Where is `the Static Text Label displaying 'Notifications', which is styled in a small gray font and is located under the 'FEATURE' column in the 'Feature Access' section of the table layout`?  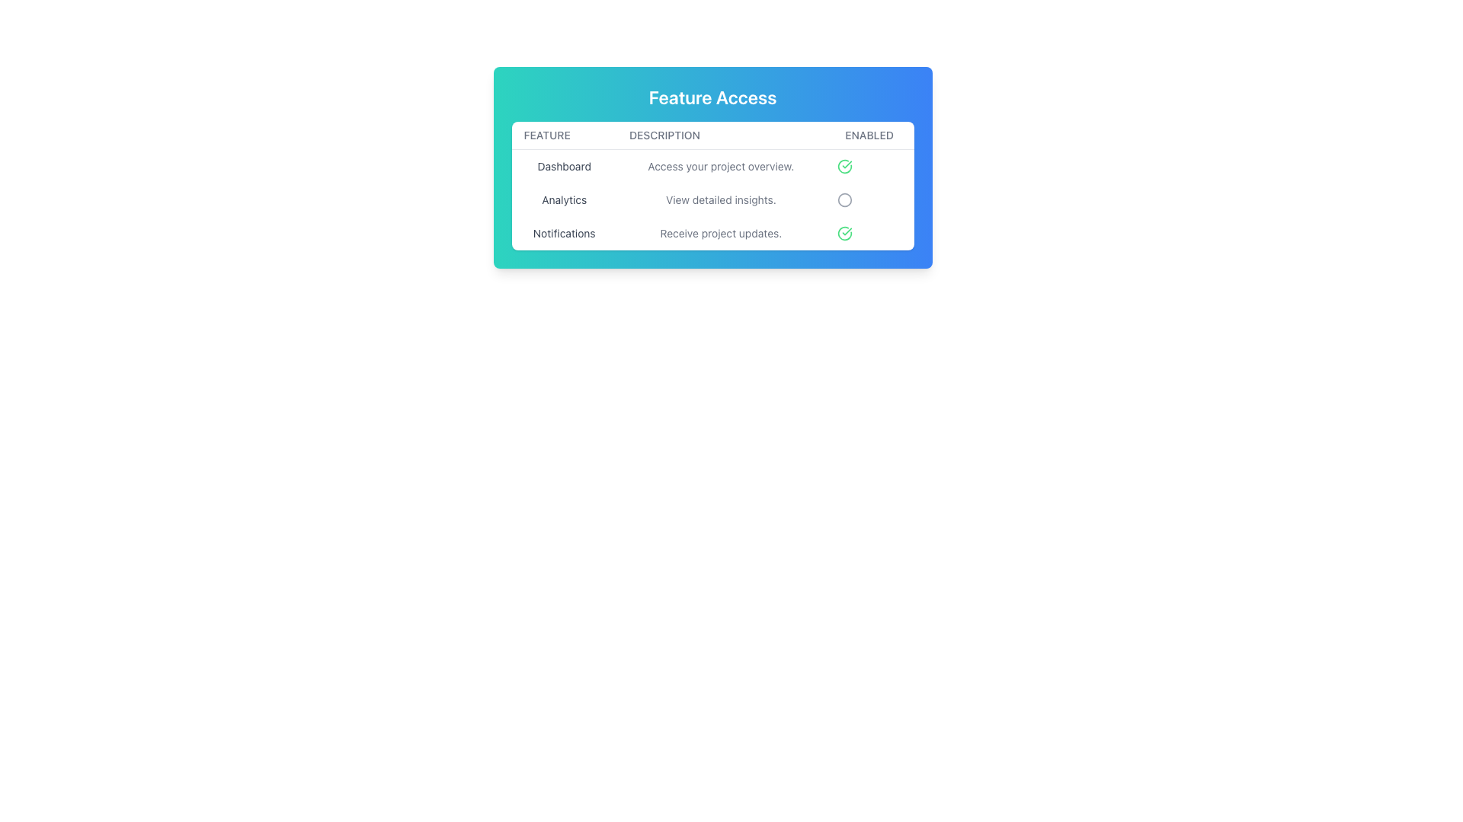 the Static Text Label displaying 'Notifications', which is styled in a small gray font and is located under the 'FEATURE' column in the 'Feature Access' section of the table layout is located at coordinates (563, 234).